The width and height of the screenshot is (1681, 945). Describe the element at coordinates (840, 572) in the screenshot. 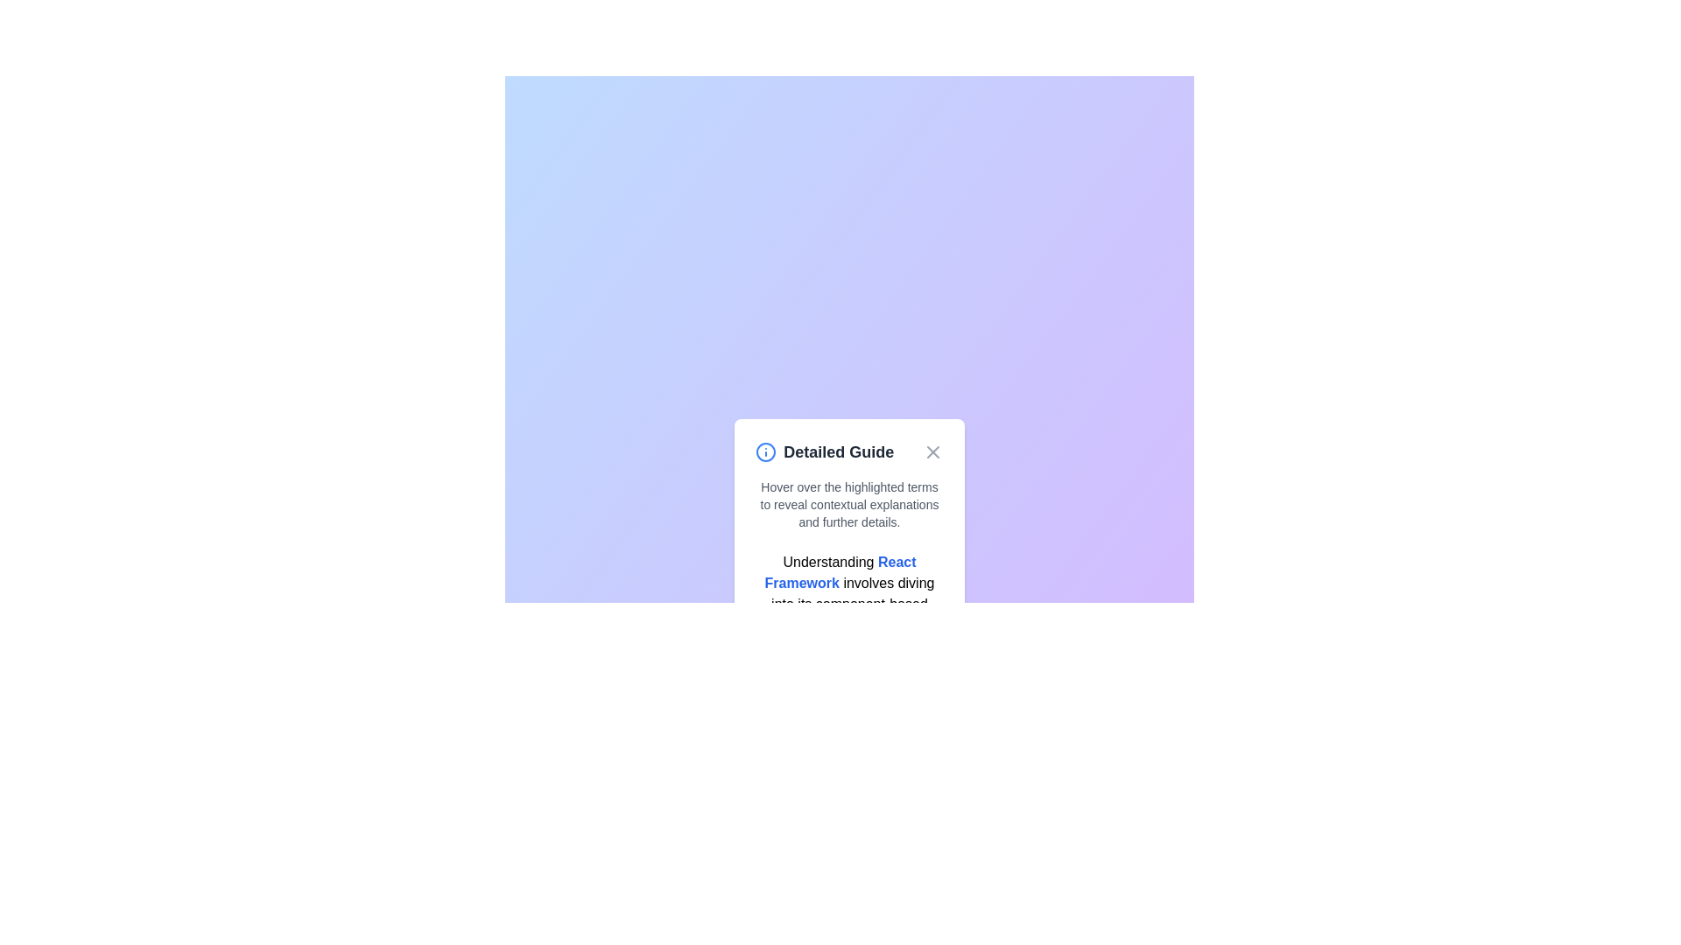

I see `the Text Highlight that provides context about 'React Framework', located in the modal beneath the header 'Detailed Guide'` at that location.